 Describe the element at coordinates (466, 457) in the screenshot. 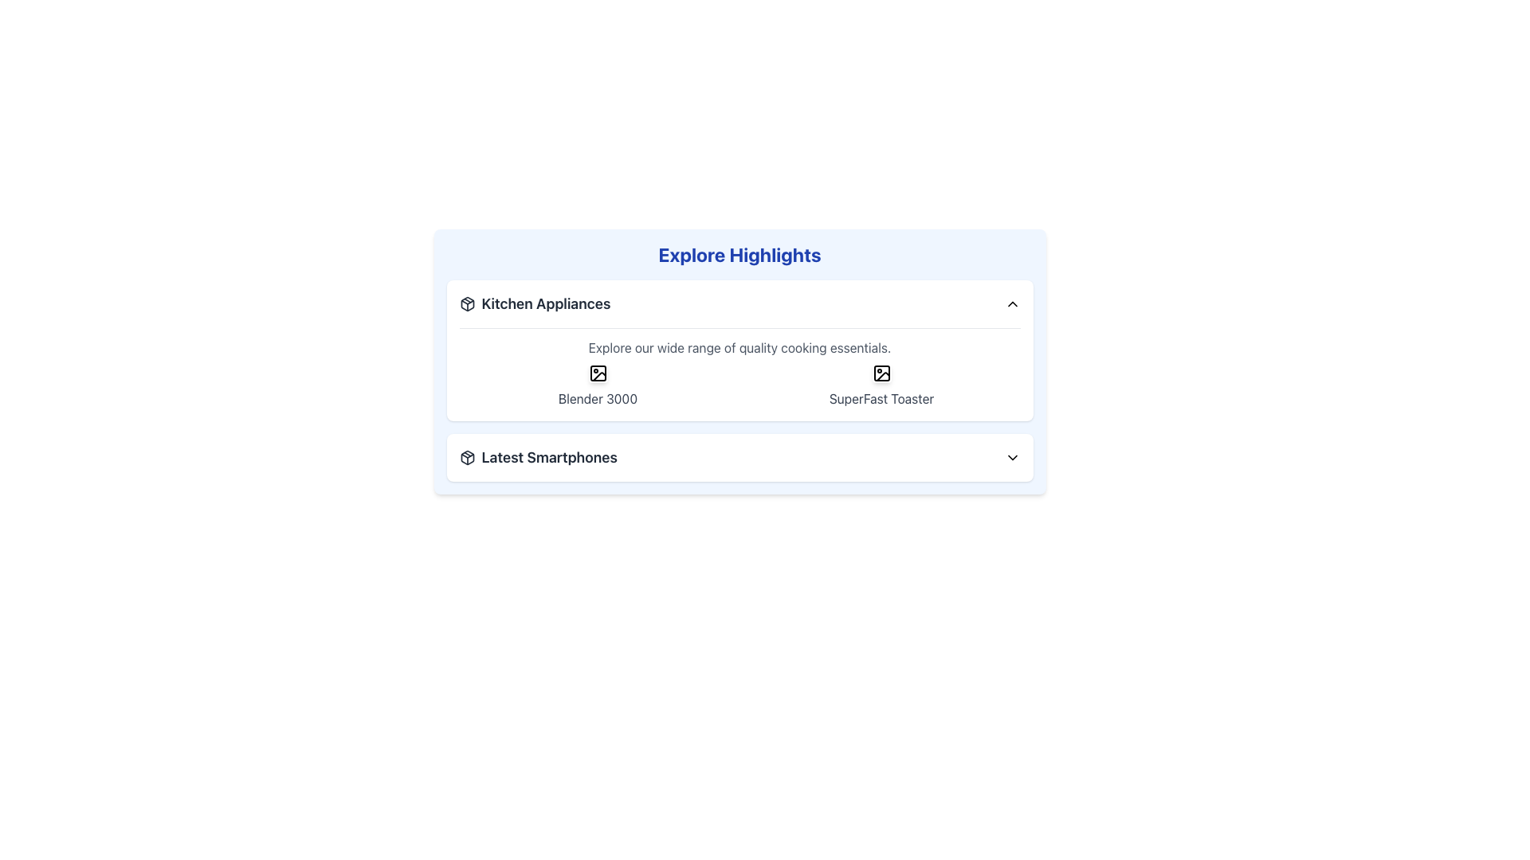

I see `the small, square-shaped icon resembling a package located to the left of the text 'Latest Smartphones' in the 'Explore Highlights' section` at that location.